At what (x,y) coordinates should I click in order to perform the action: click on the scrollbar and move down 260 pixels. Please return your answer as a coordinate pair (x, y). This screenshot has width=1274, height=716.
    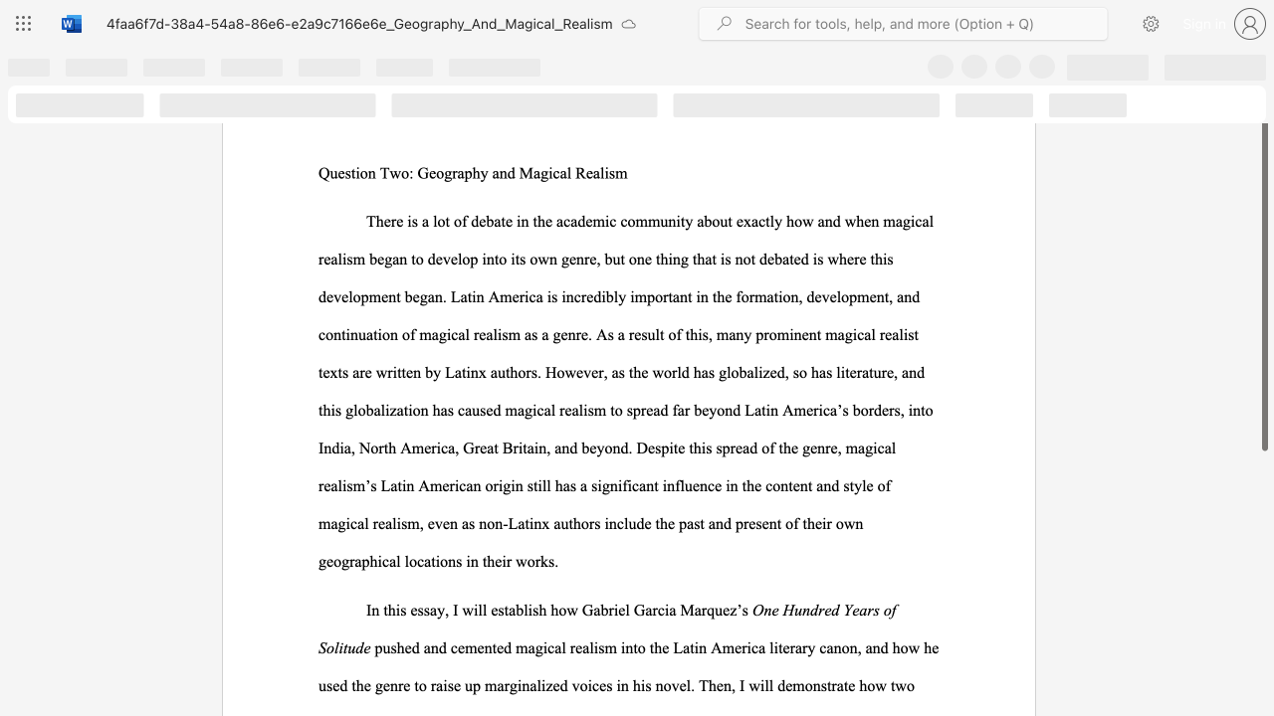
    Looking at the image, I should click on (1263, 254).